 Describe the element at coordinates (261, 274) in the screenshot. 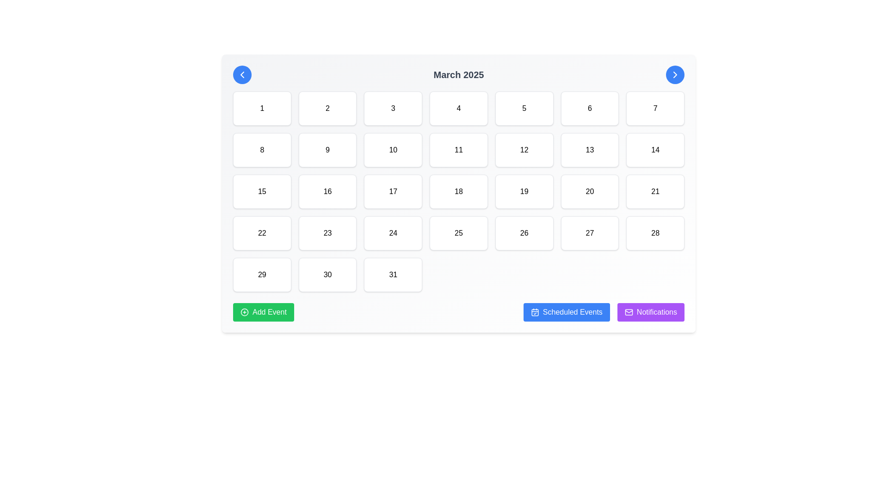

I see `the text label displaying the number '29' in the last row of the calendar grid for March 2025, positioned second from the left` at that location.